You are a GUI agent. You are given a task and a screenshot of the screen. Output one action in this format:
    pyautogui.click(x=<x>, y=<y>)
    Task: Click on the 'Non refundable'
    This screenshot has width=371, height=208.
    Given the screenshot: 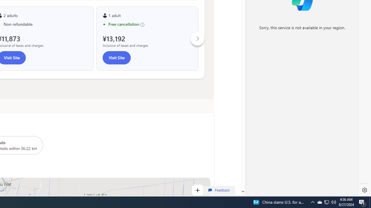 What is the action you would take?
    pyautogui.click(x=45, y=24)
    